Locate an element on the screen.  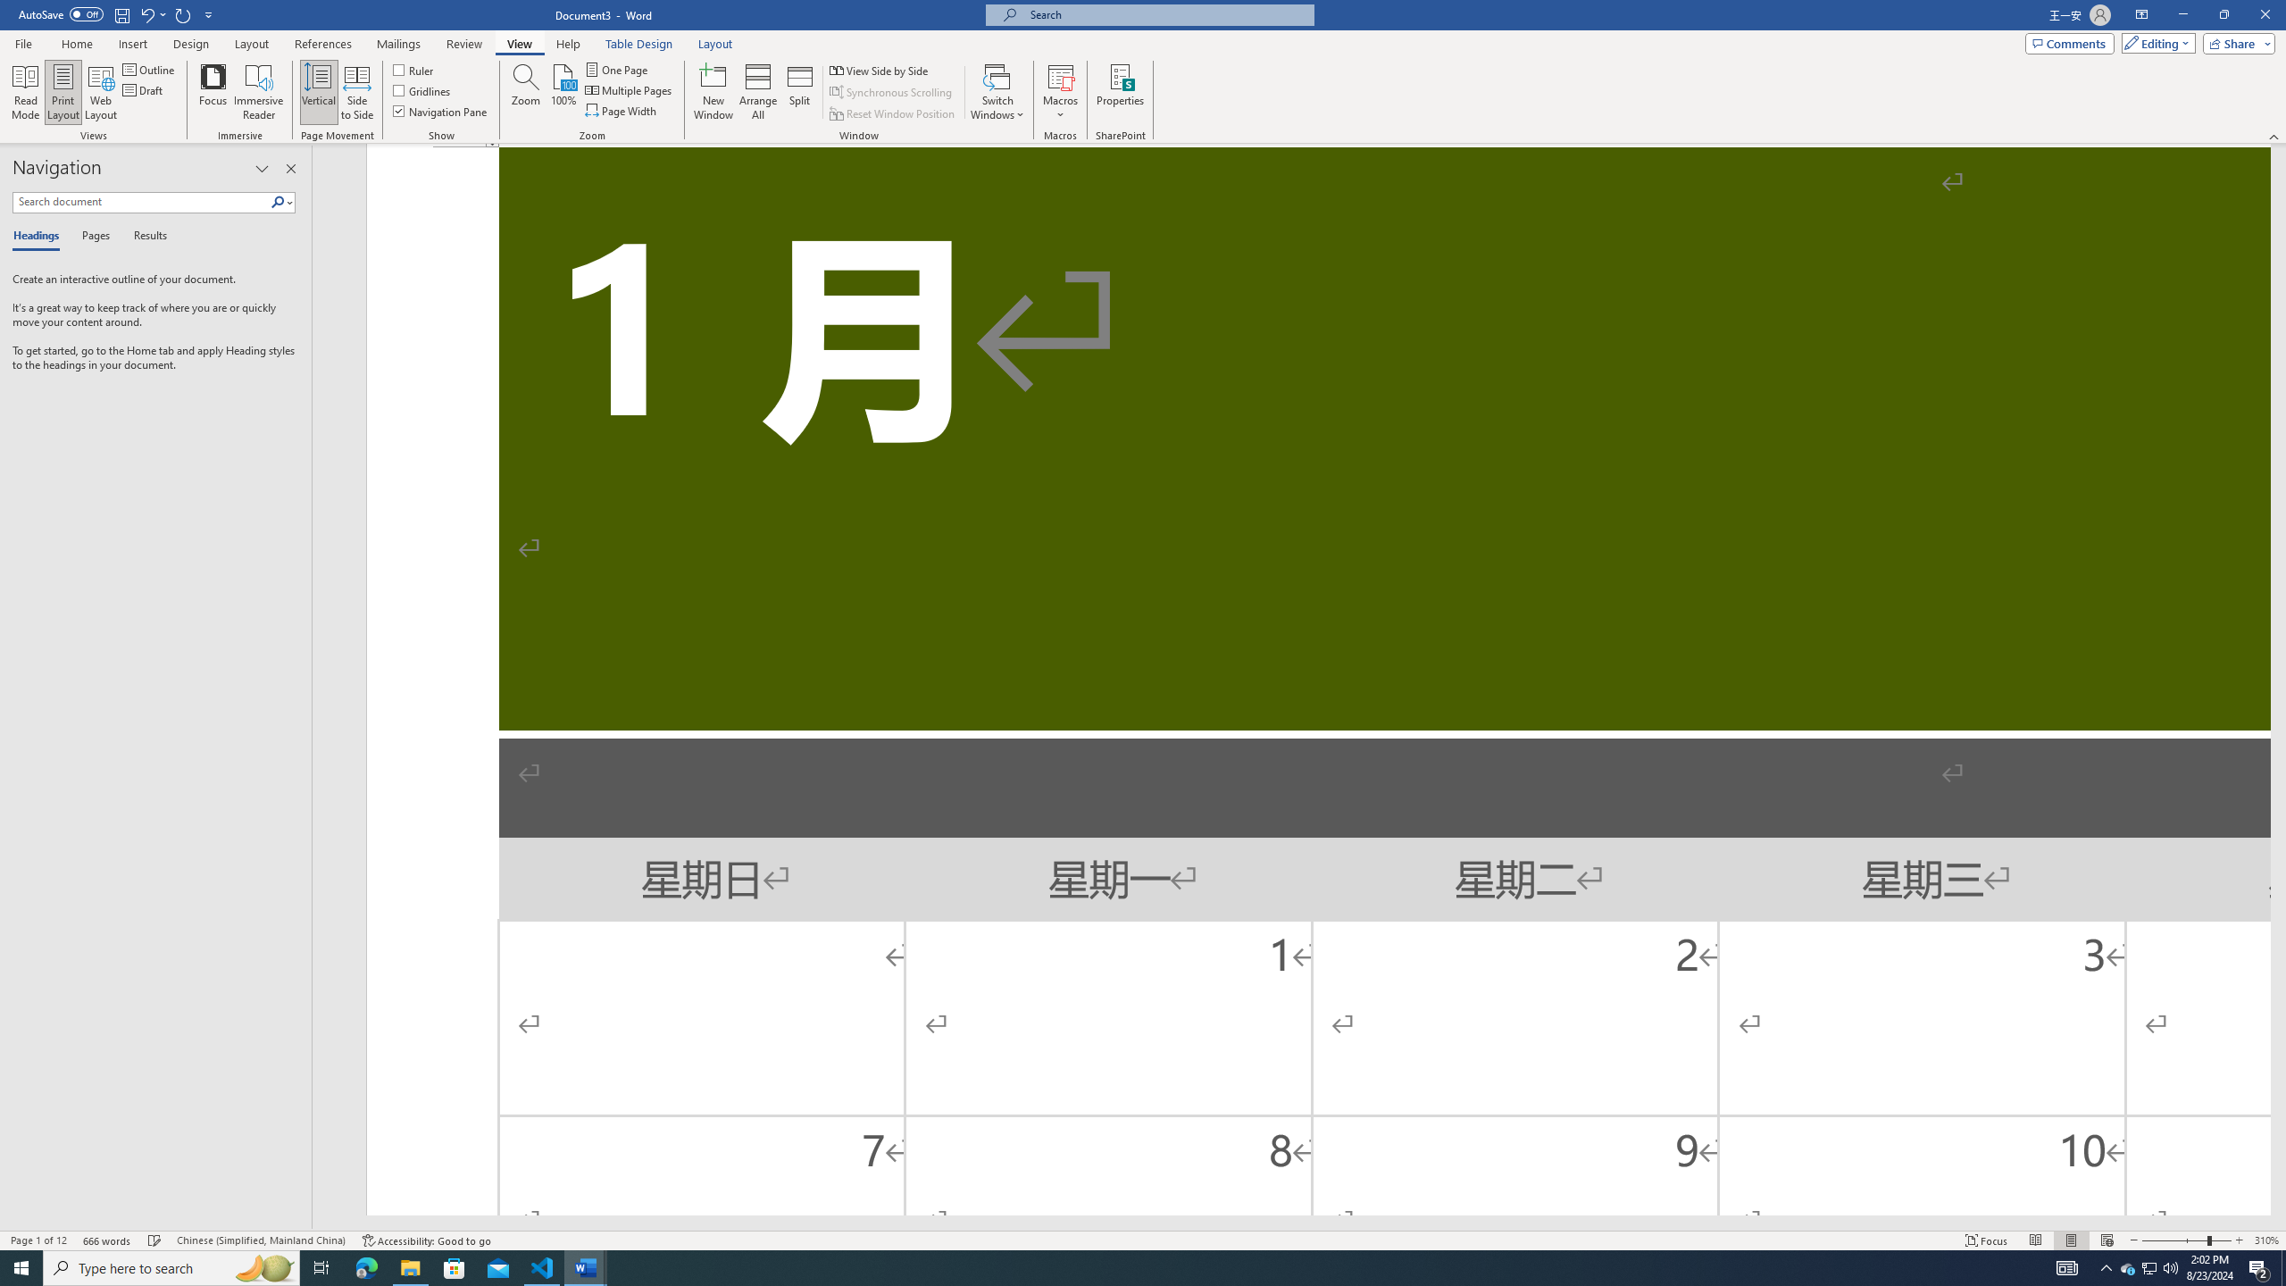
'Save' is located at coordinates (121, 13).